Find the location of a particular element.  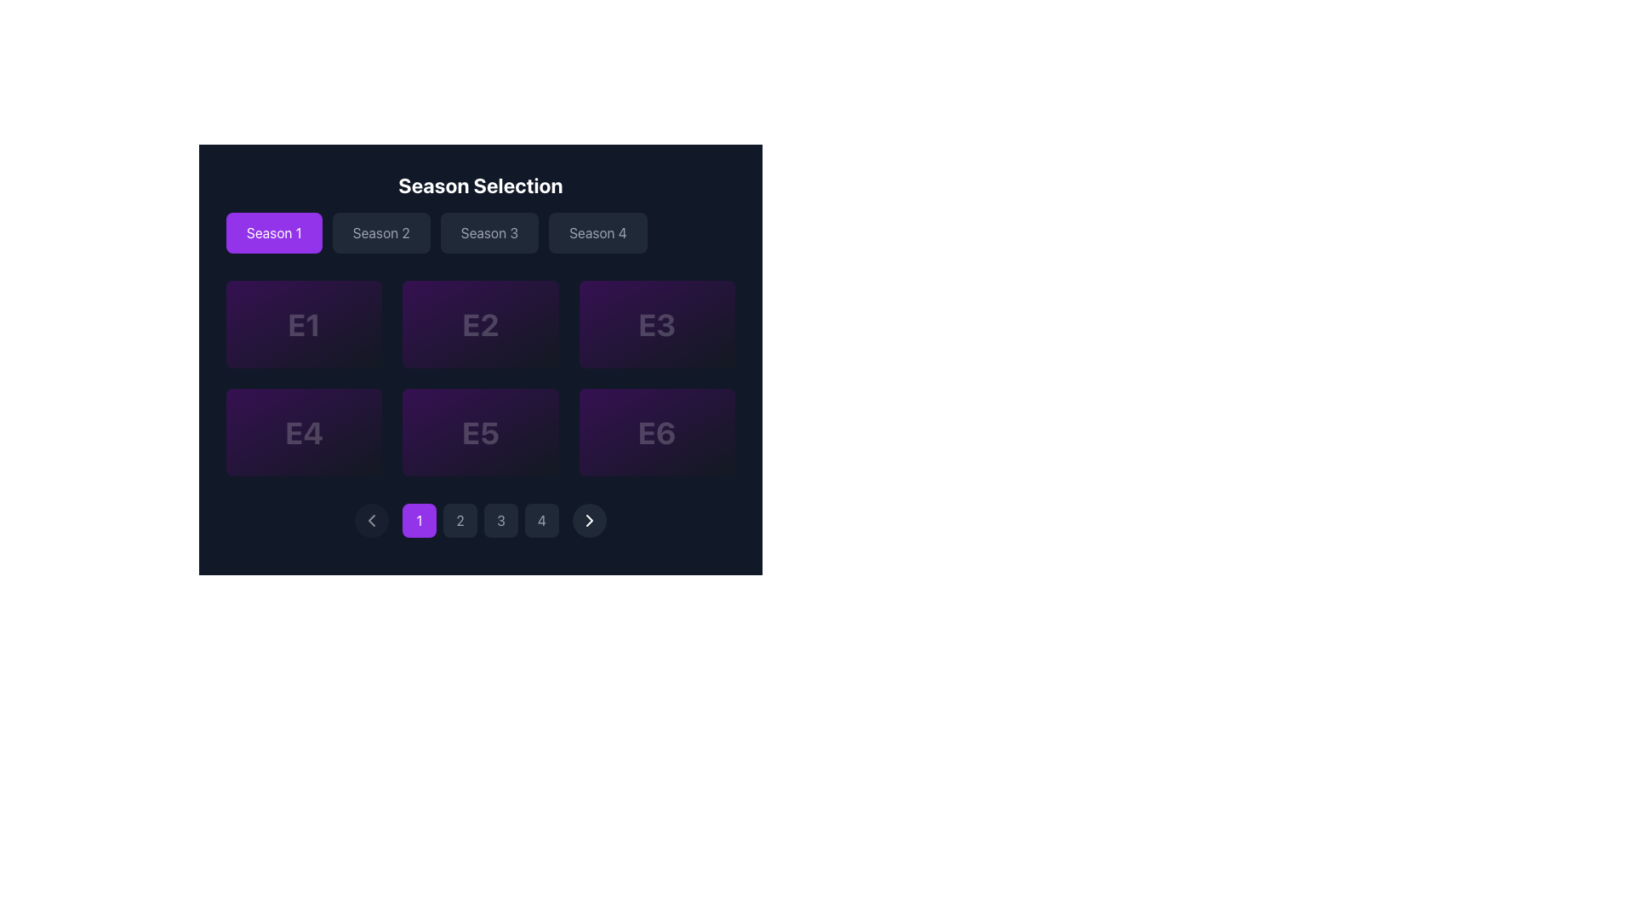

the circular decorative element in the pagination interface, which is centered around the second pagination button from the left is located at coordinates (473, 496).